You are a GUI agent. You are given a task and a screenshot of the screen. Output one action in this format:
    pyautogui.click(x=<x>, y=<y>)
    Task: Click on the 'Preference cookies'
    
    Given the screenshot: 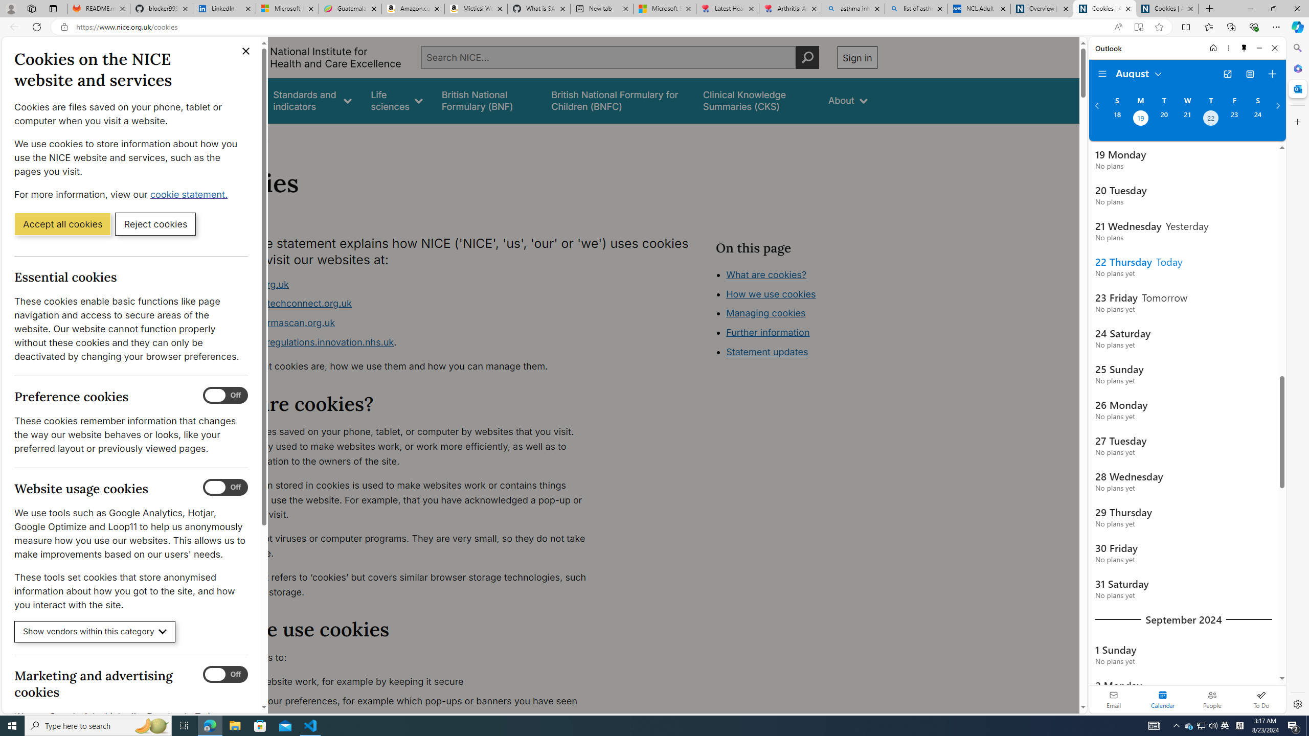 What is the action you would take?
    pyautogui.click(x=225, y=395)
    